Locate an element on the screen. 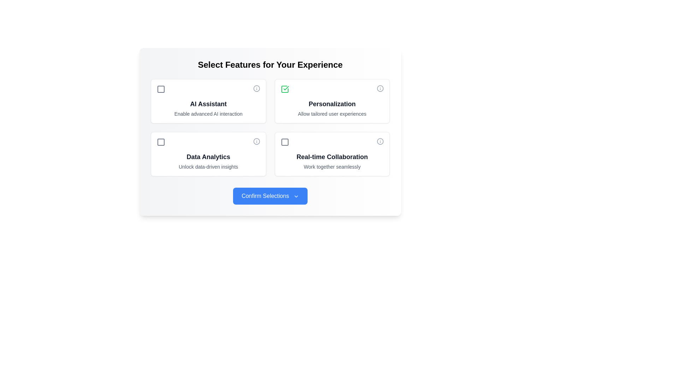  informational text label about the 'Data Analytics' feature located in the lower-left quadrant of a 2x2 grid layout, specifically in the first item of the second row is located at coordinates (208, 161).